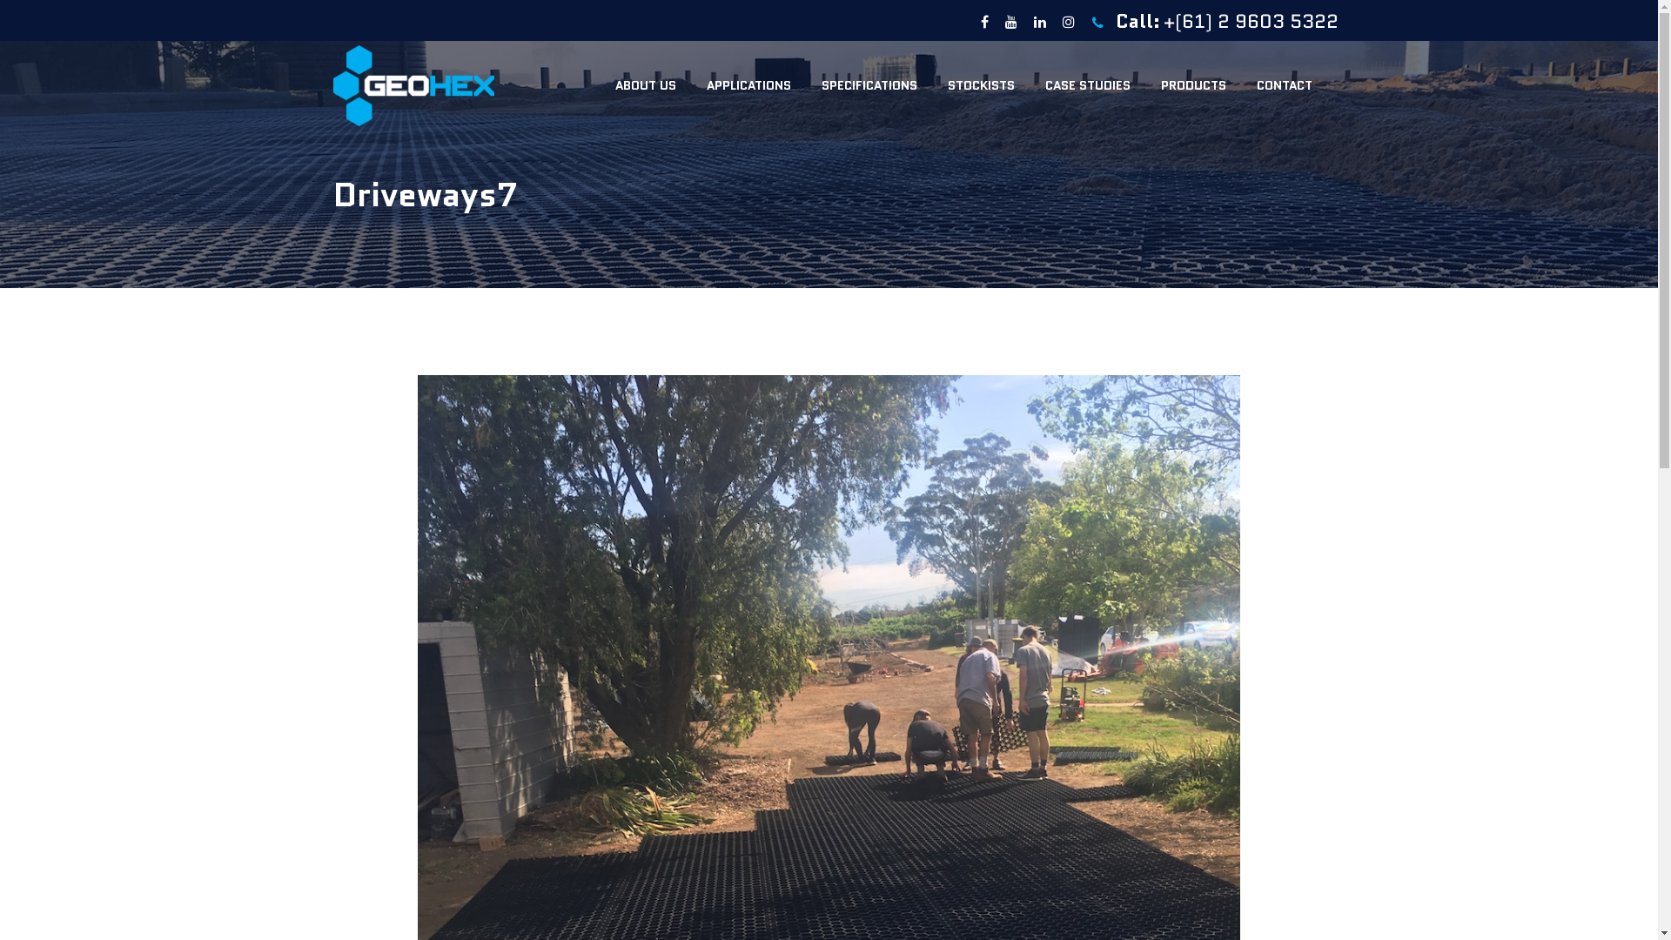 This screenshot has height=940, width=1671. What do you see at coordinates (645, 85) in the screenshot?
I see `'ABOUT US'` at bounding box center [645, 85].